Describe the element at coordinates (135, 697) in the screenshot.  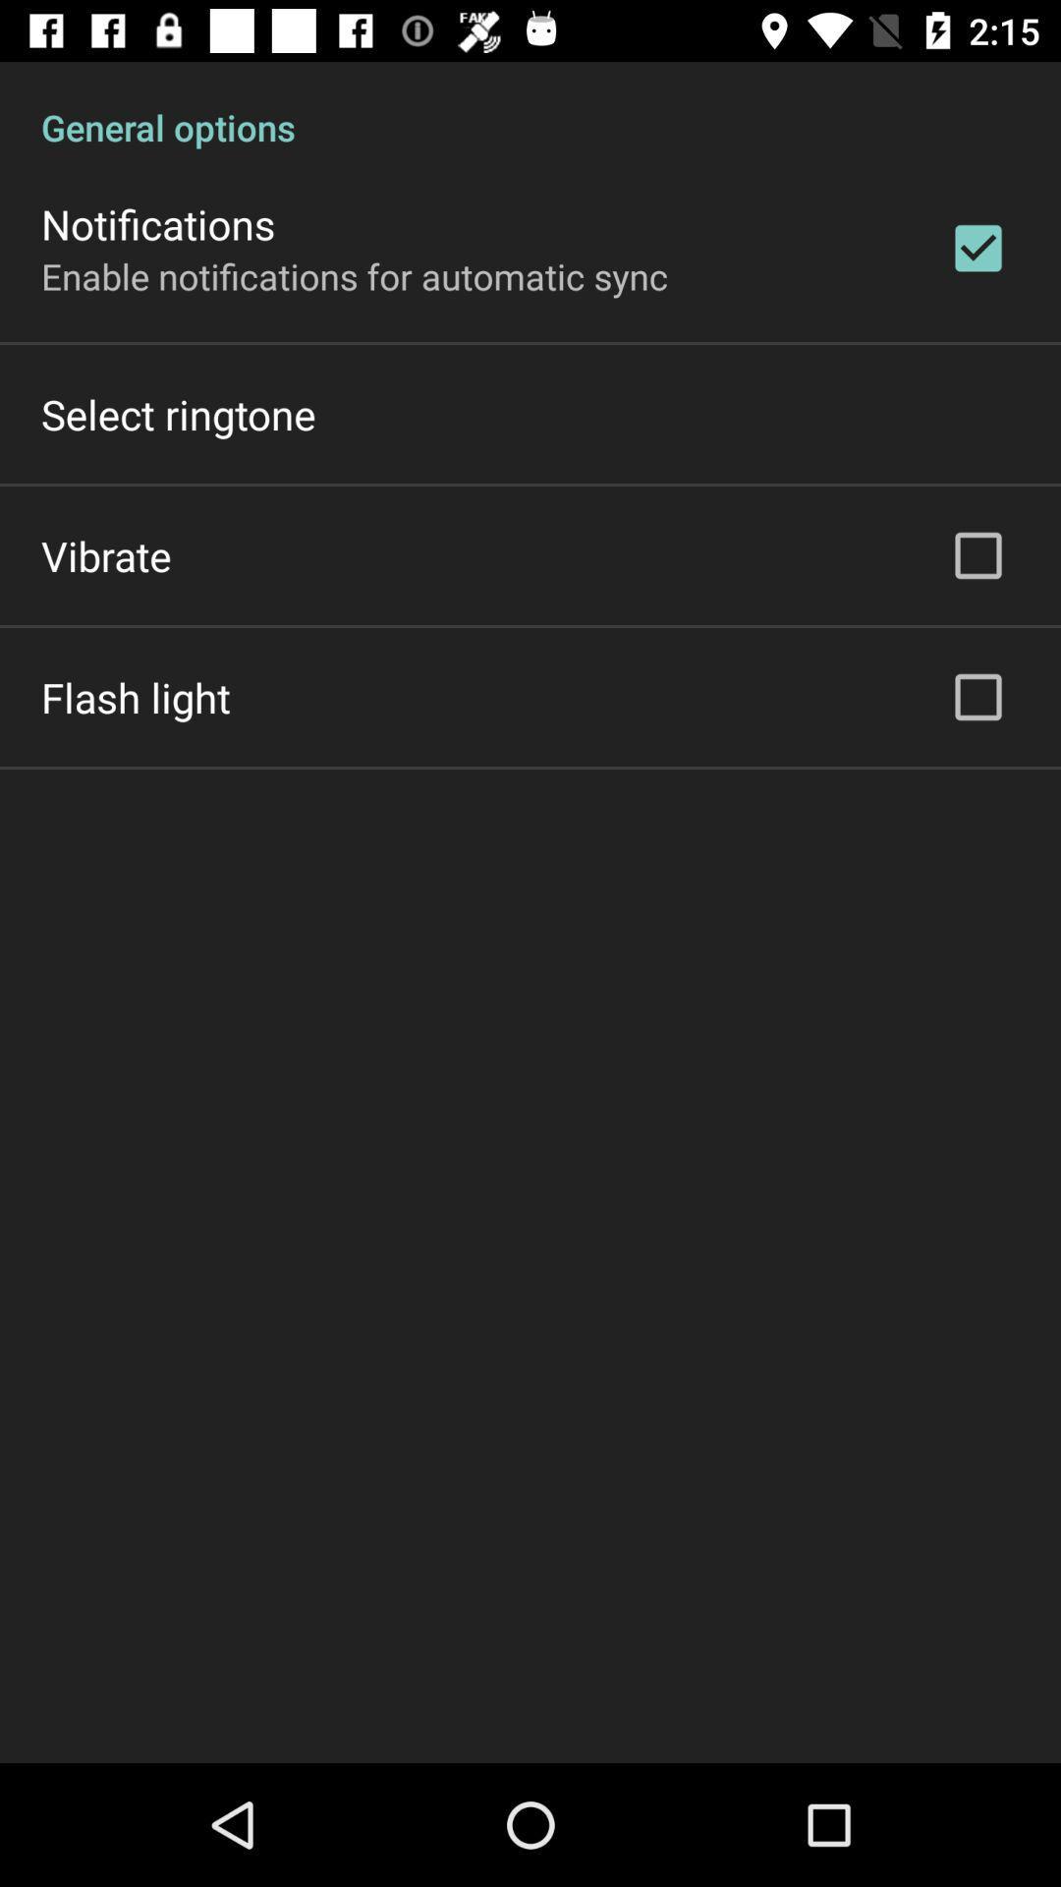
I see `the item on the left` at that location.